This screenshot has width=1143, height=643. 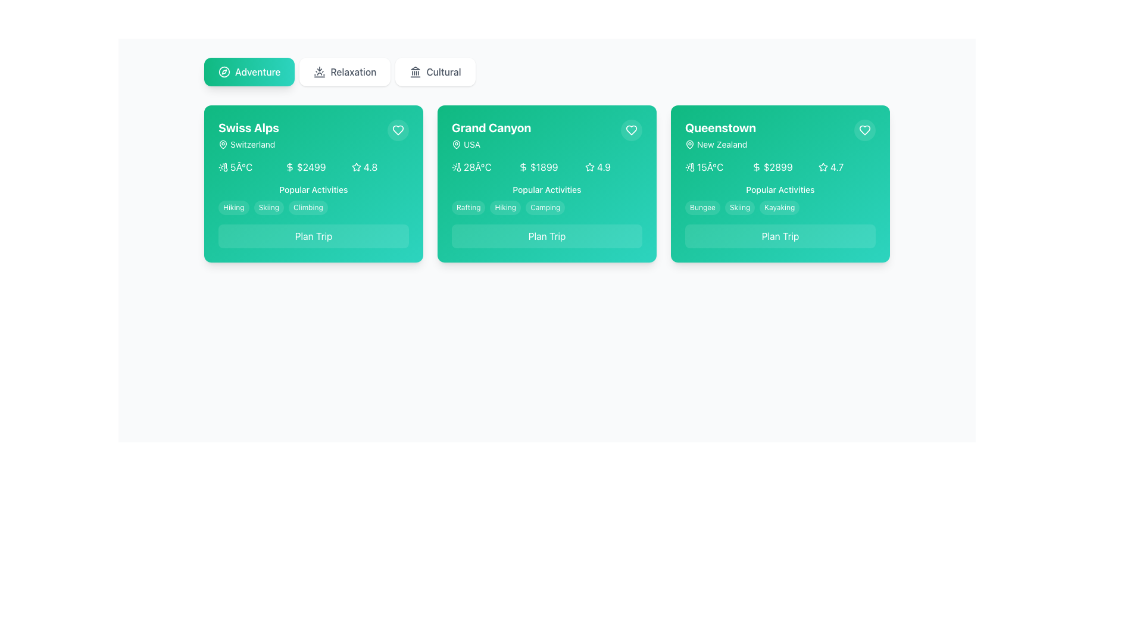 I want to click on the text '28Â°C' with the thermometer icon in the upper left section of the 'Grand Canyon' card, so click(x=480, y=167).